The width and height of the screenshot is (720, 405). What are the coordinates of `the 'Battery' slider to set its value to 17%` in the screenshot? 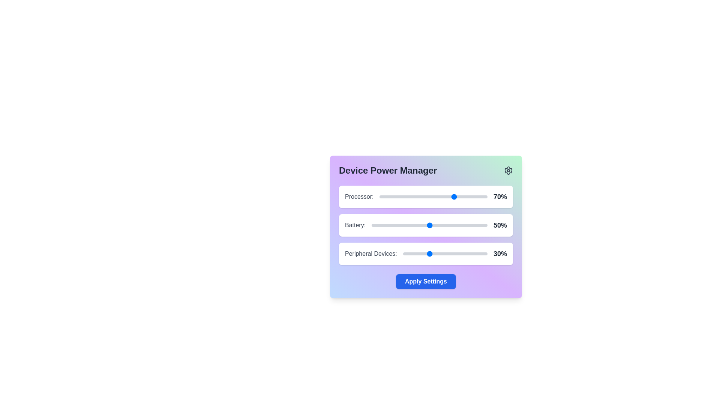 It's located at (391, 225).